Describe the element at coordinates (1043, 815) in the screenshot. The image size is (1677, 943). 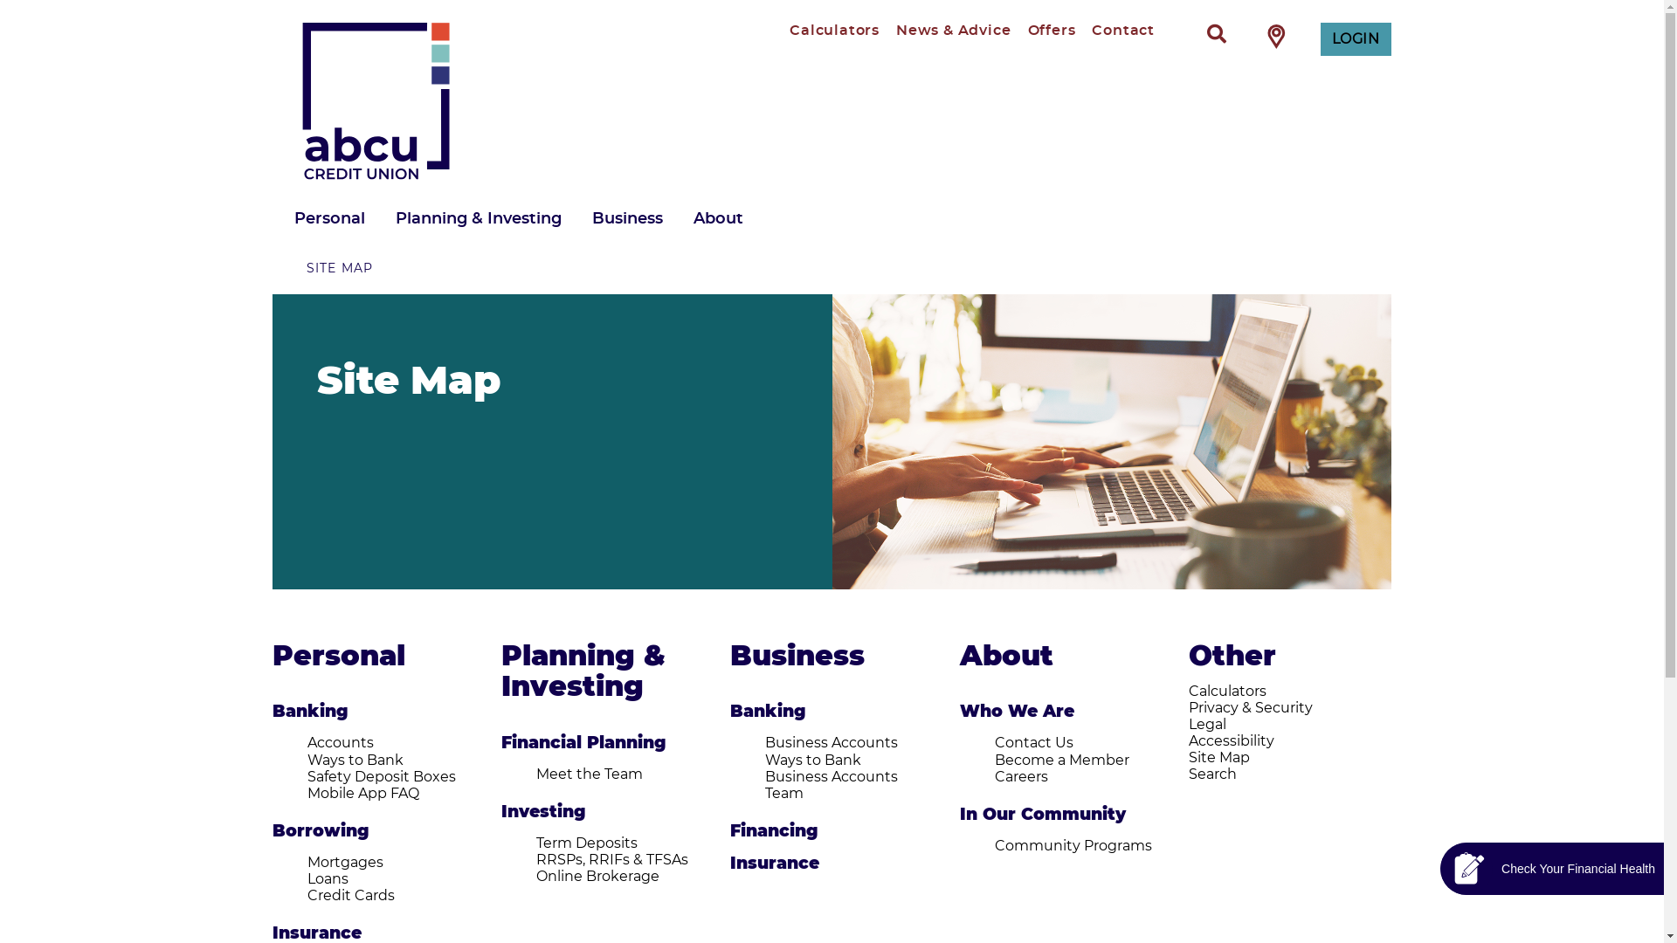
I see `'In Our Community'` at that location.